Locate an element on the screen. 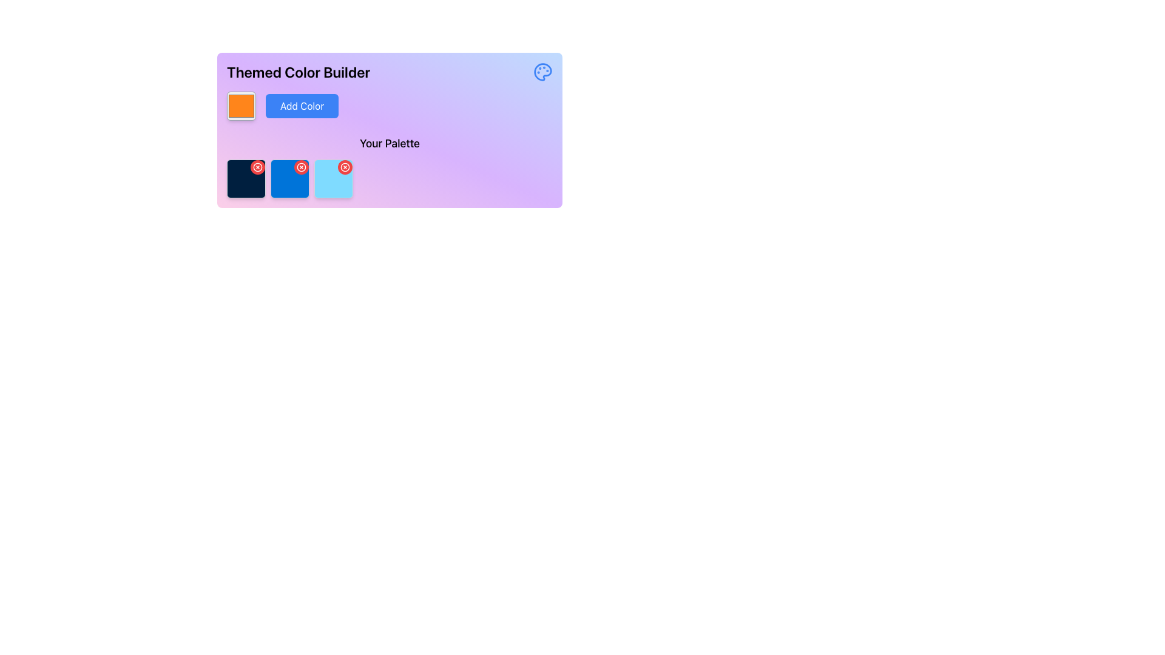 The height and width of the screenshot is (655, 1165). the circular button with a red background and white 'x' icon located at the top-right corner of the blue square card is located at coordinates (302, 167).